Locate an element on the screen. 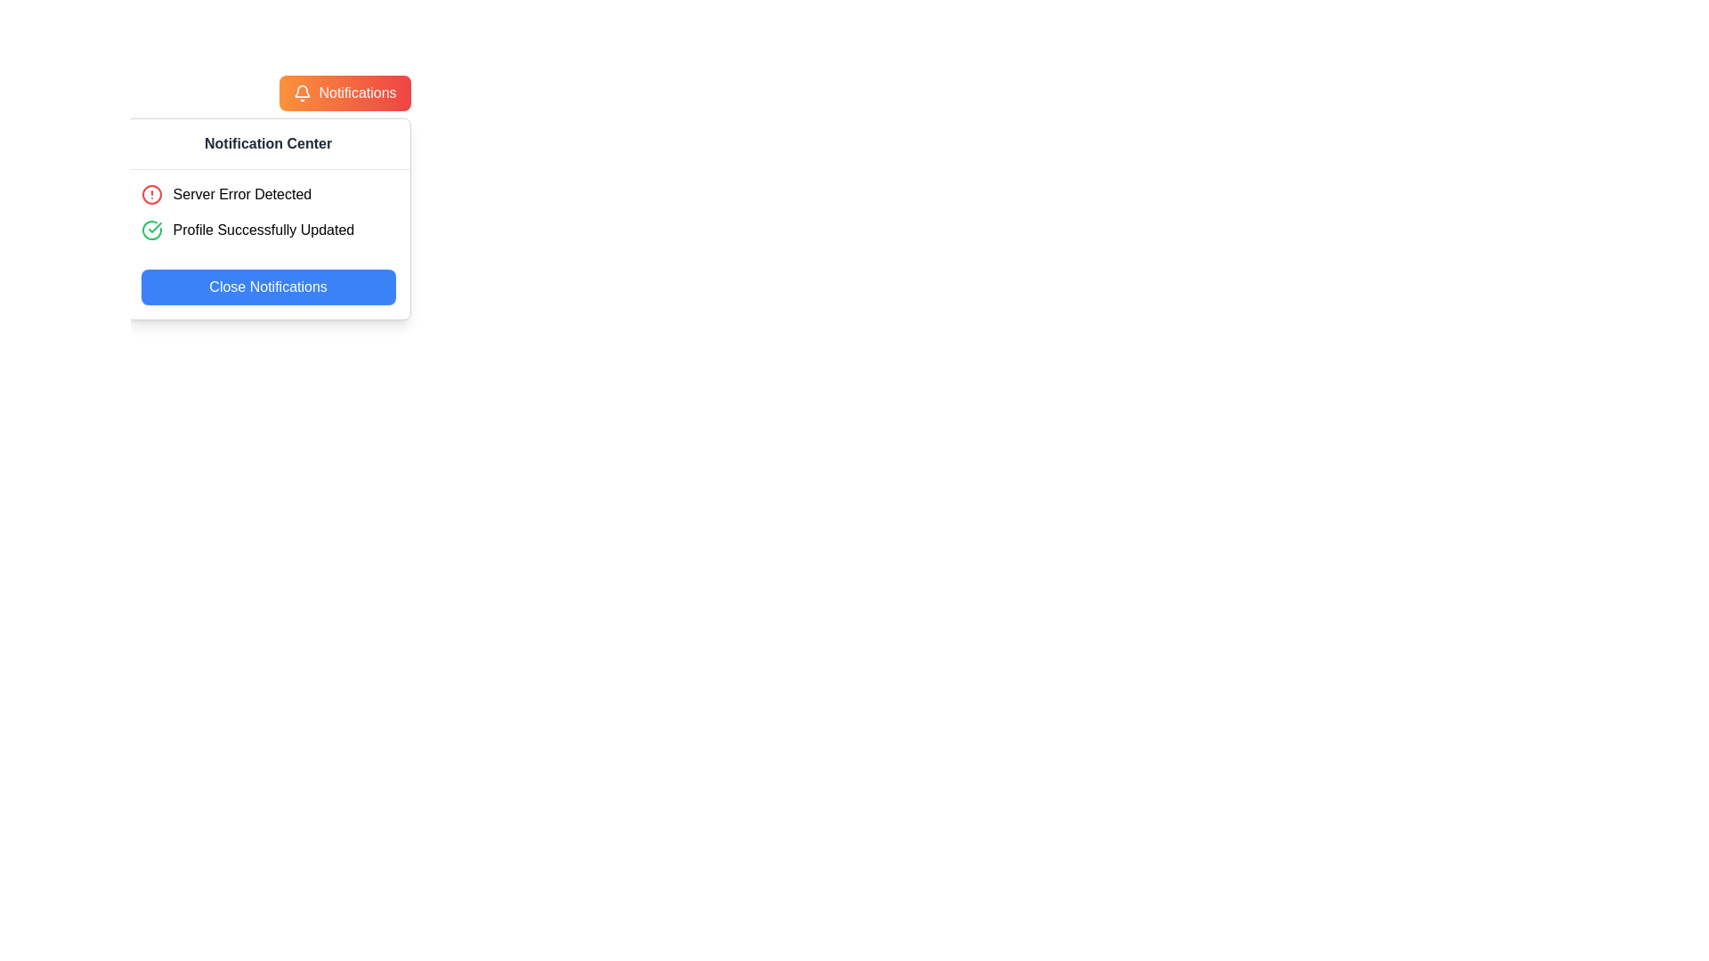 This screenshot has height=961, width=1709. the close button located at the bottom of the notifications panel is located at coordinates (267, 287).